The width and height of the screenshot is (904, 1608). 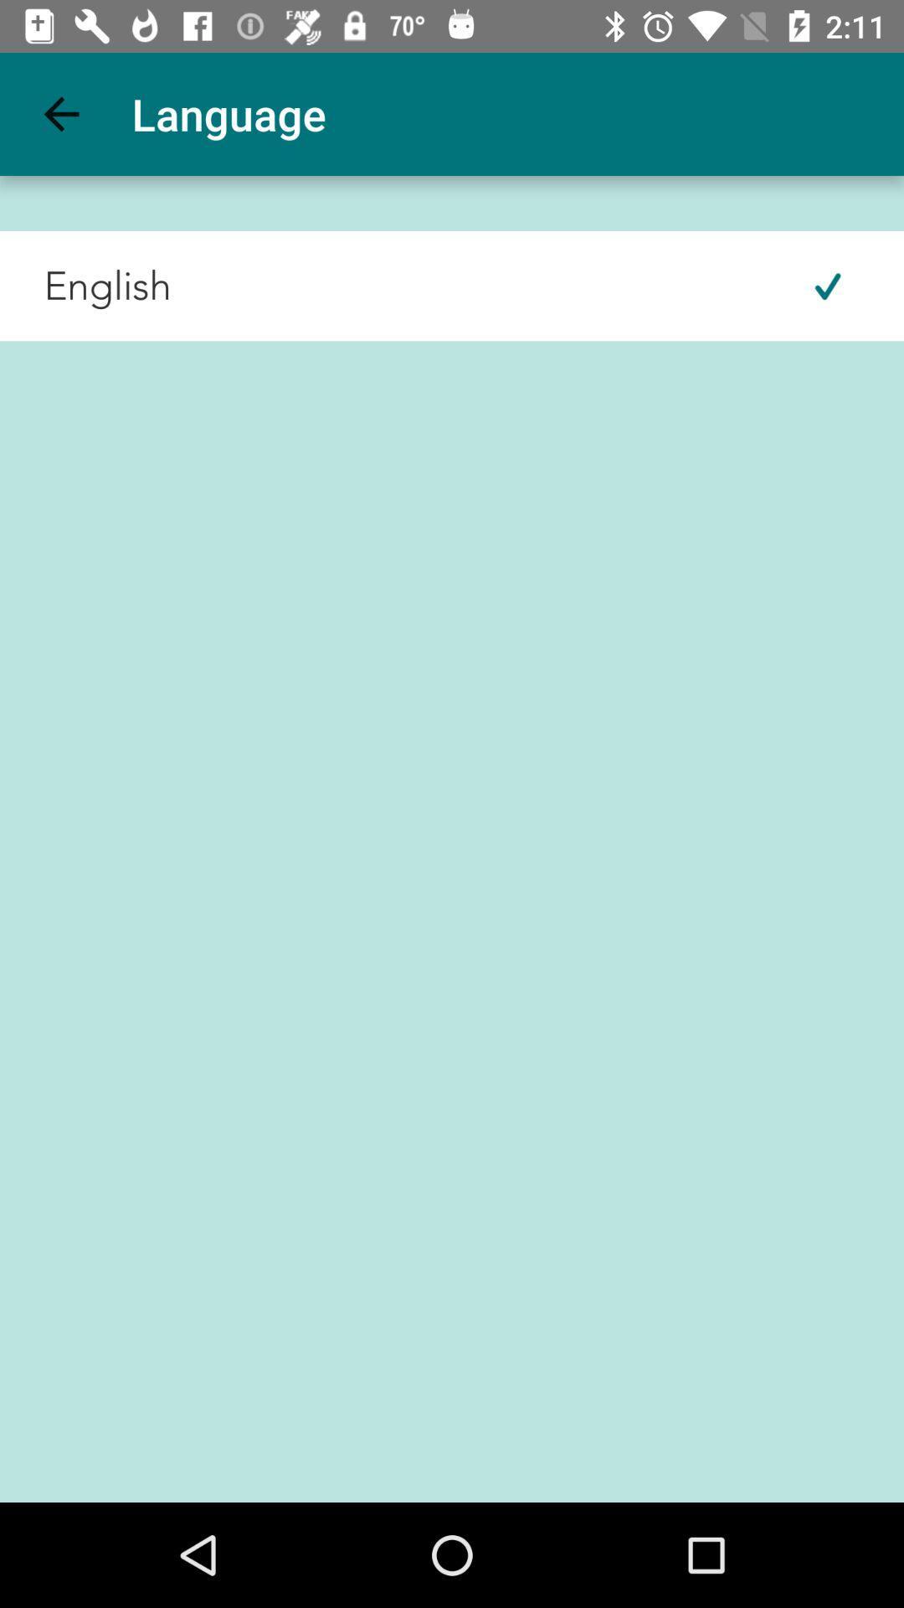 What do you see at coordinates (60, 113) in the screenshot?
I see `item next to the language` at bounding box center [60, 113].